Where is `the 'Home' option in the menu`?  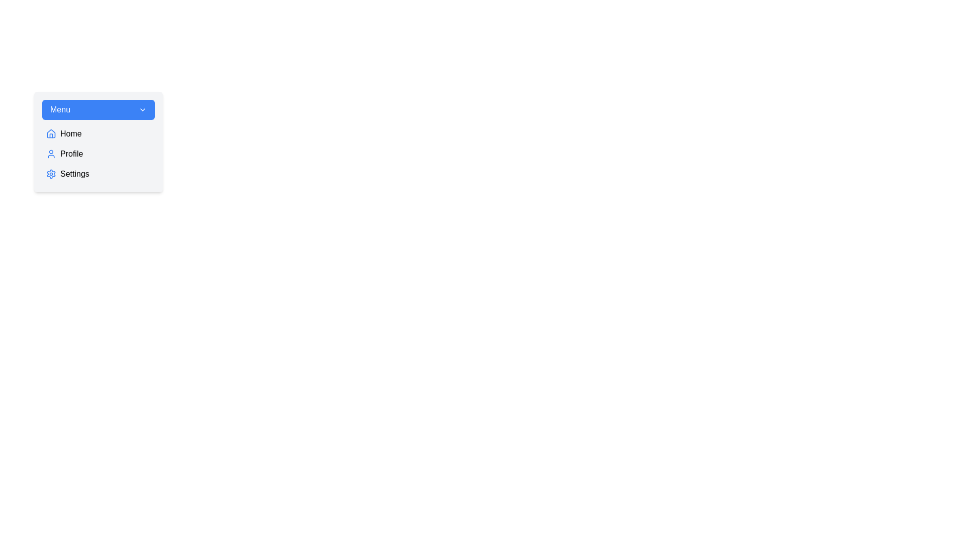 the 'Home' option in the menu is located at coordinates (99, 133).